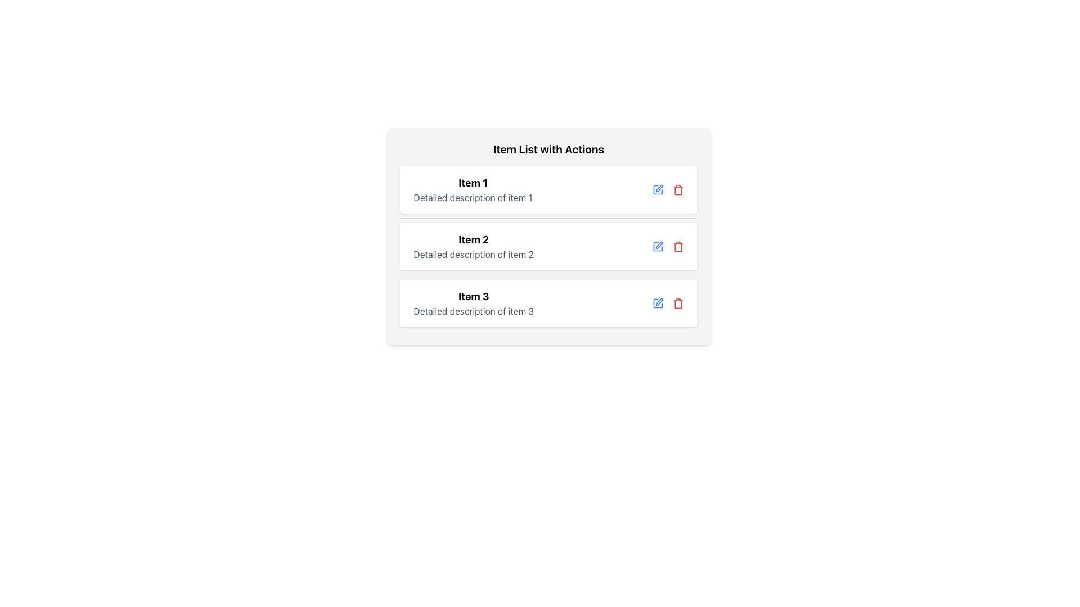 The width and height of the screenshot is (1080, 607). Describe the element at coordinates (548, 218) in the screenshot. I see `the Divider element that visually separates 'Item 1' and 'Item 2' in the list to improve readability and structure` at that location.